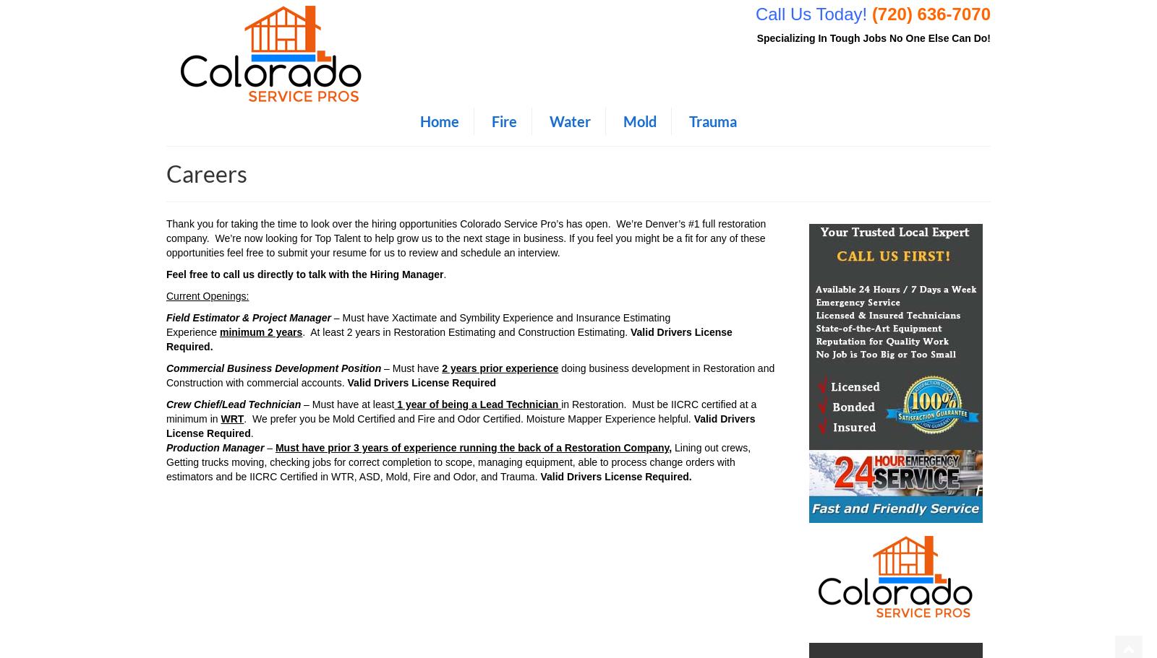 The image size is (1157, 658). I want to click on 'Thank you for taking the time to look over the hiring opportunities Colorado Service Pro’s has open.  We’re Denver’s #1 full restoration company.  We’re now looking for Top Talent to help grow us to the next stage in business. If you feel you might be a fit for any of these opportunities feel free to submit your resume for us to review and schedule an interview.', so click(466, 237).